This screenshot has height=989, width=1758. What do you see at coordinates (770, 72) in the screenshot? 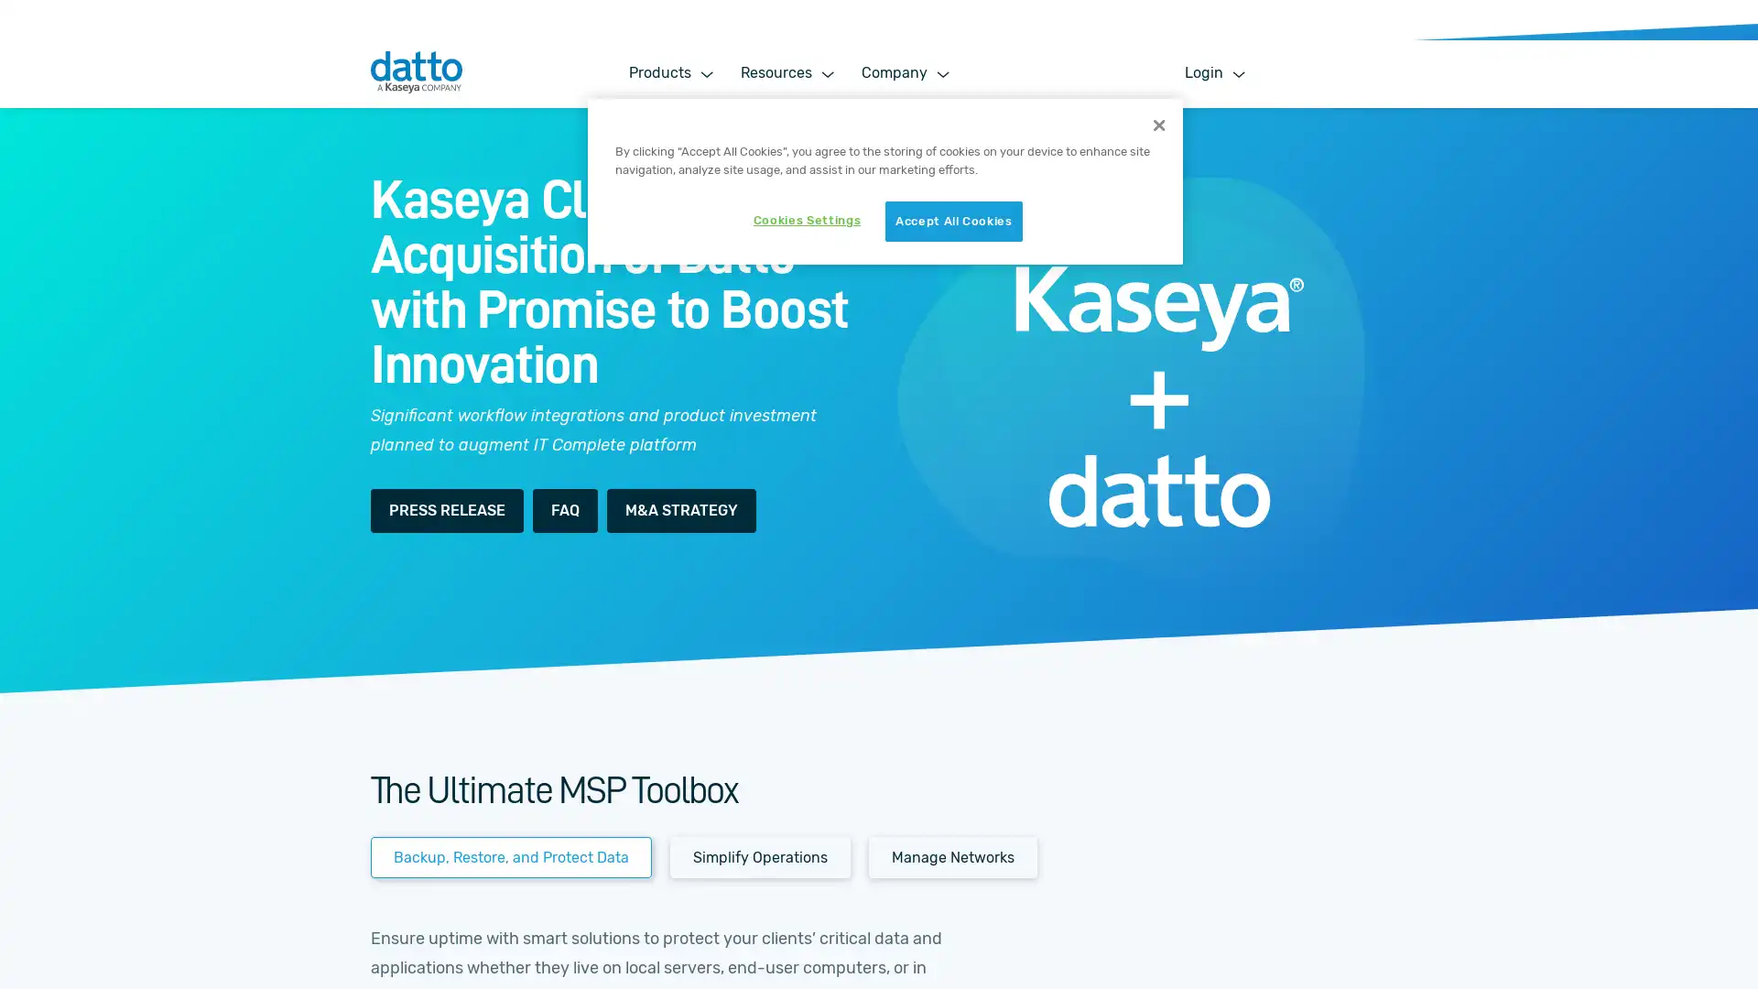
I see `Resources` at bounding box center [770, 72].